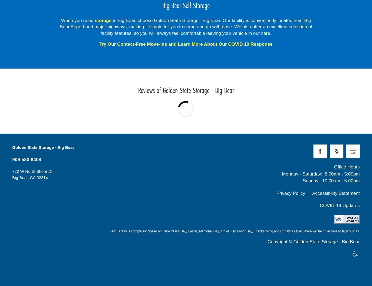 This screenshot has height=286, width=372. What do you see at coordinates (33, 177) in the screenshot?
I see `'CA'` at bounding box center [33, 177].